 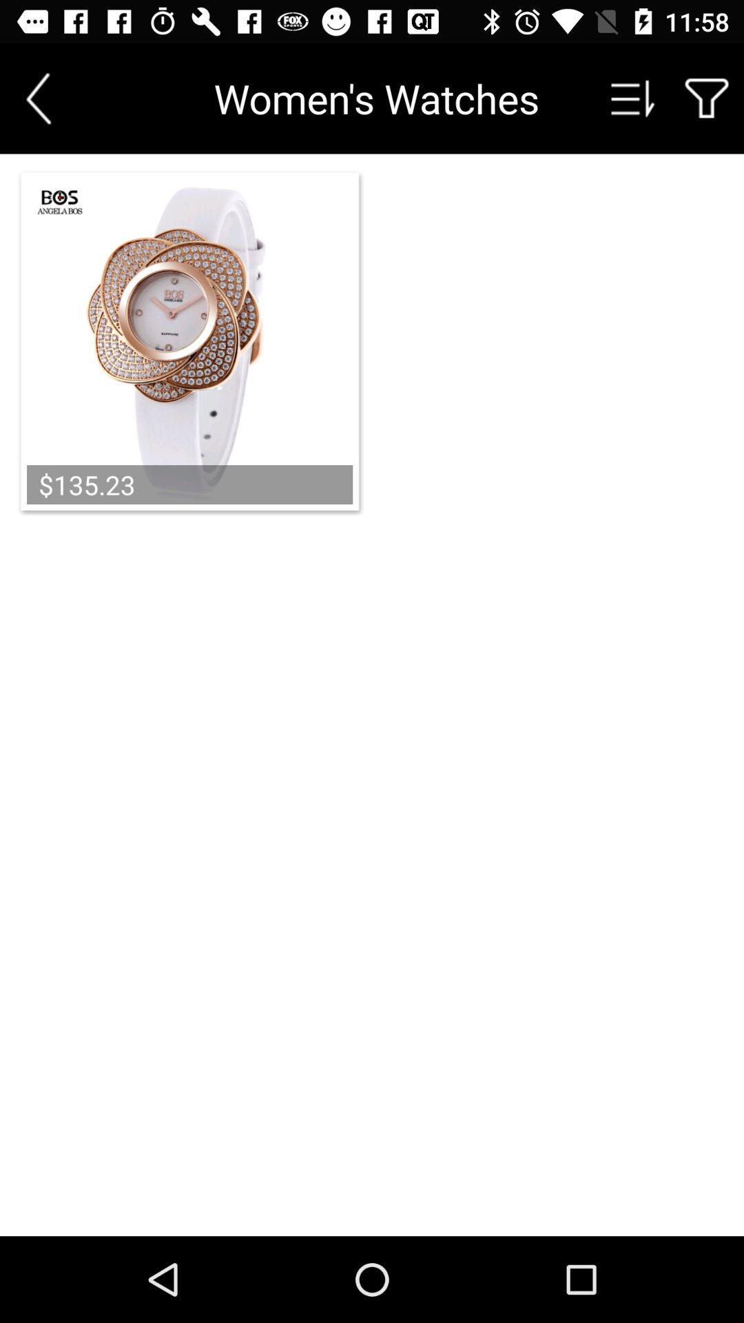 I want to click on menu, so click(x=633, y=98).